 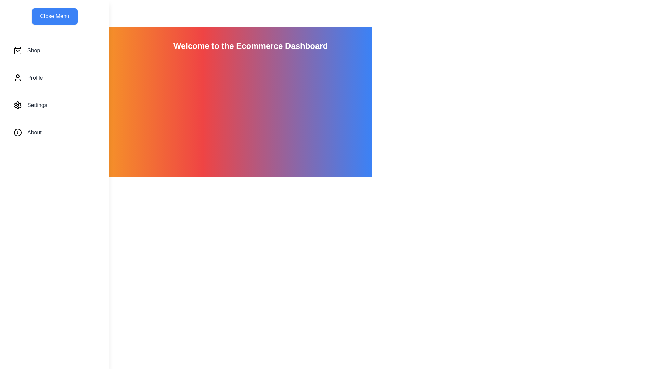 What do you see at coordinates (54, 105) in the screenshot?
I see `the menu item Settings where Settings can be one of 'Shop', 'Profile', 'Settings', or 'About'` at bounding box center [54, 105].